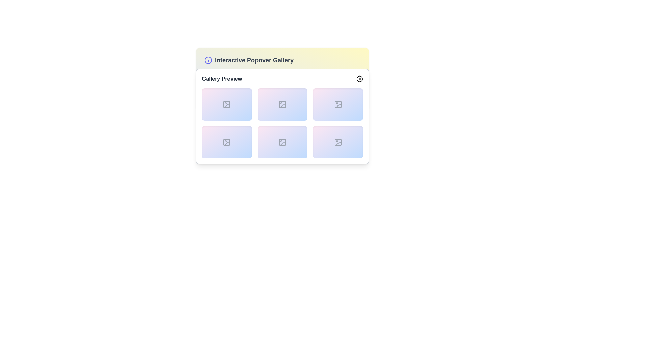 Image resolution: width=648 pixels, height=364 pixels. I want to click on the Decorative SVG rectangle located in the sixth icon of a two-row layout, which serves as a decorative image placeholder within a gallery preview, so click(282, 142).